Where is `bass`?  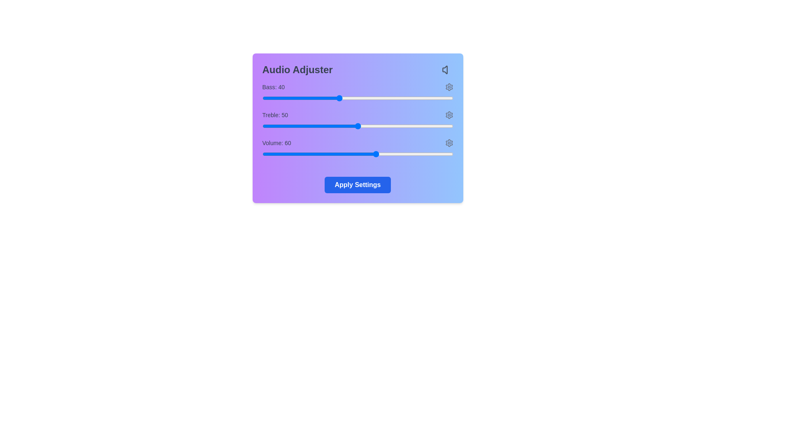
bass is located at coordinates (430, 95).